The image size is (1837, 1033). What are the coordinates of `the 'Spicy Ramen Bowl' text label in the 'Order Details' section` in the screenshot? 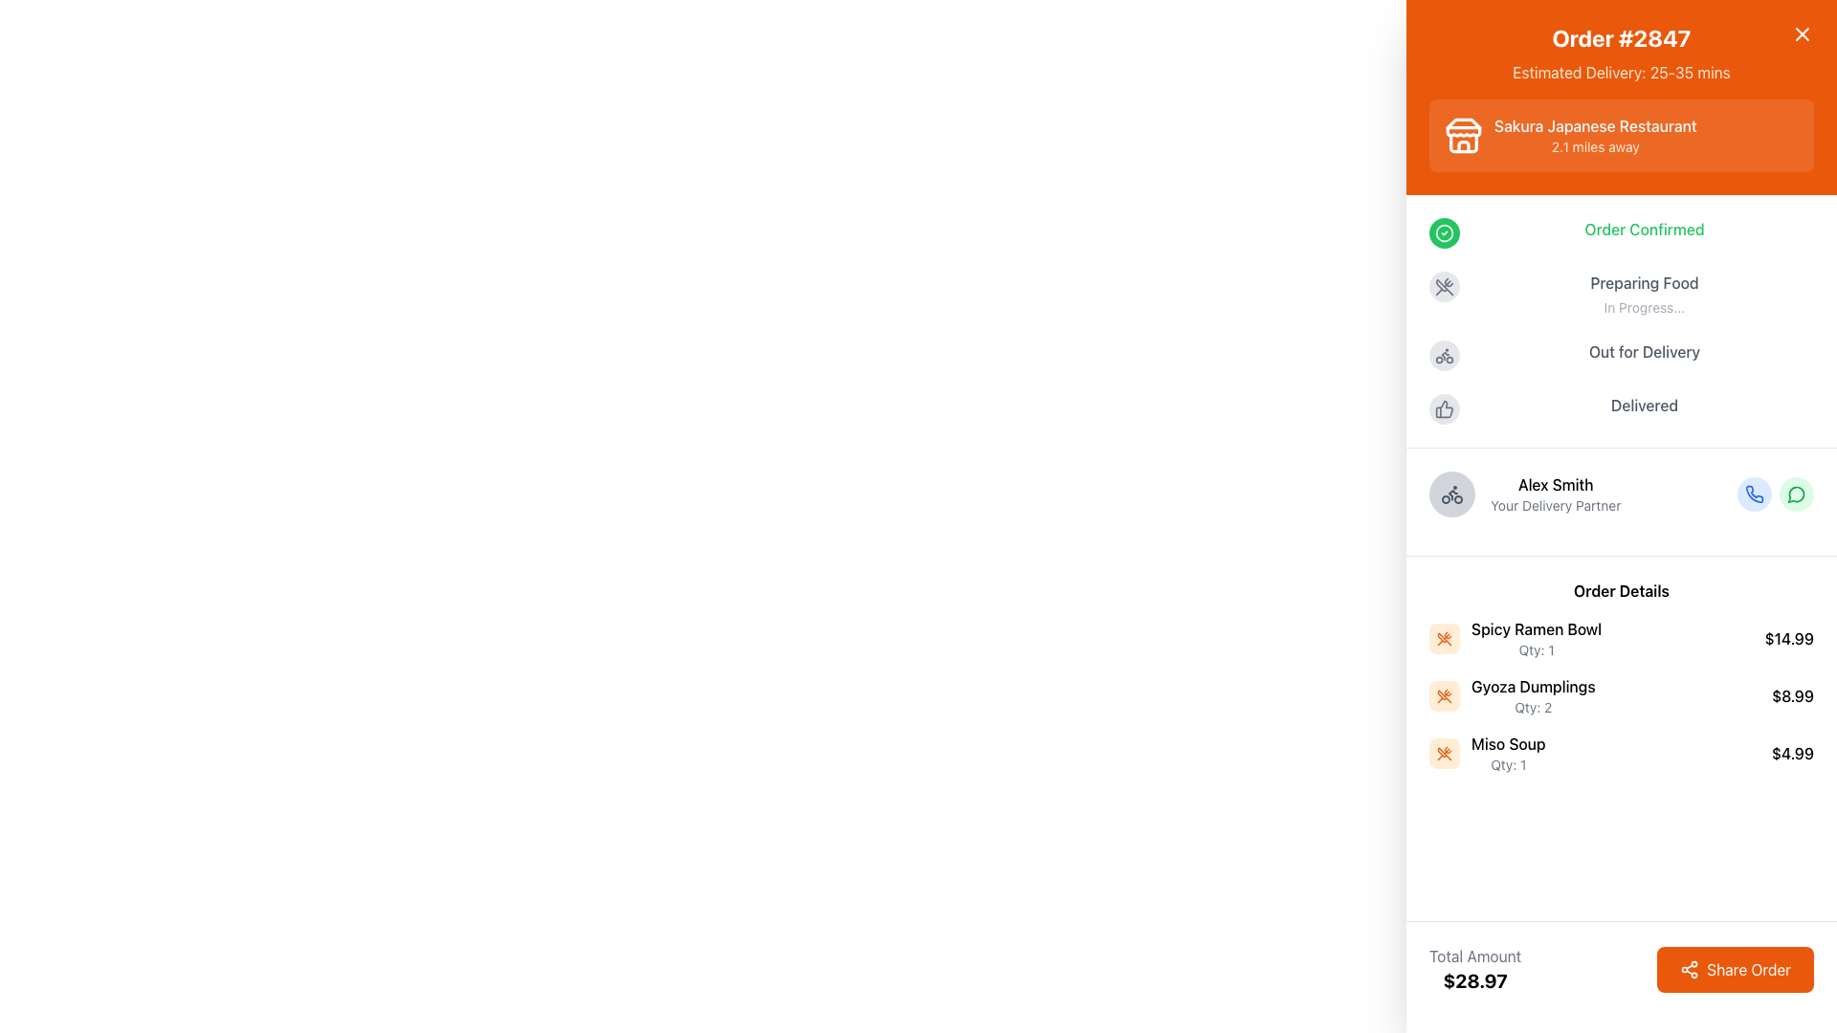 It's located at (1537, 629).